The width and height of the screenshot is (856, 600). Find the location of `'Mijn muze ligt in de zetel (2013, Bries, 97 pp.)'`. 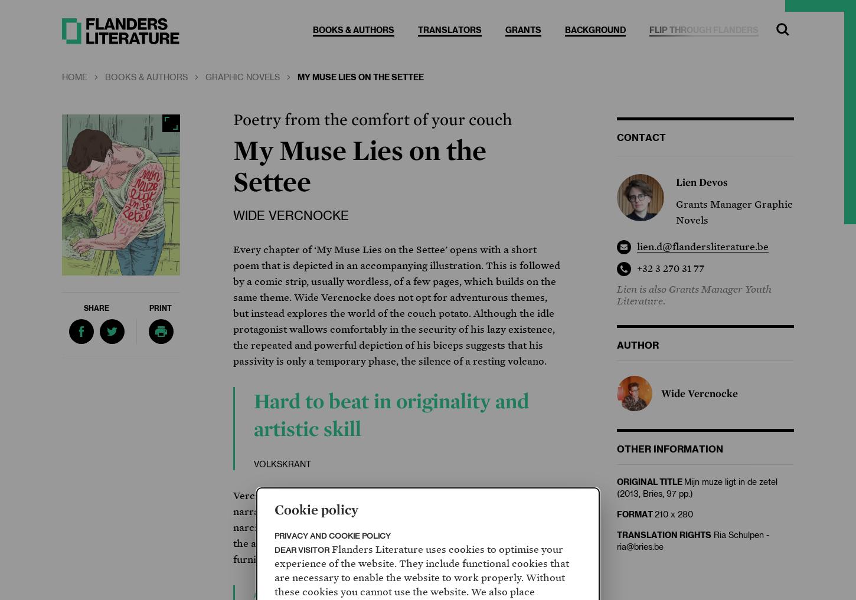

'Mijn muze ligt in de zetel (2013, Bries, 97 pp.)' is located at coordinates (697, 488).